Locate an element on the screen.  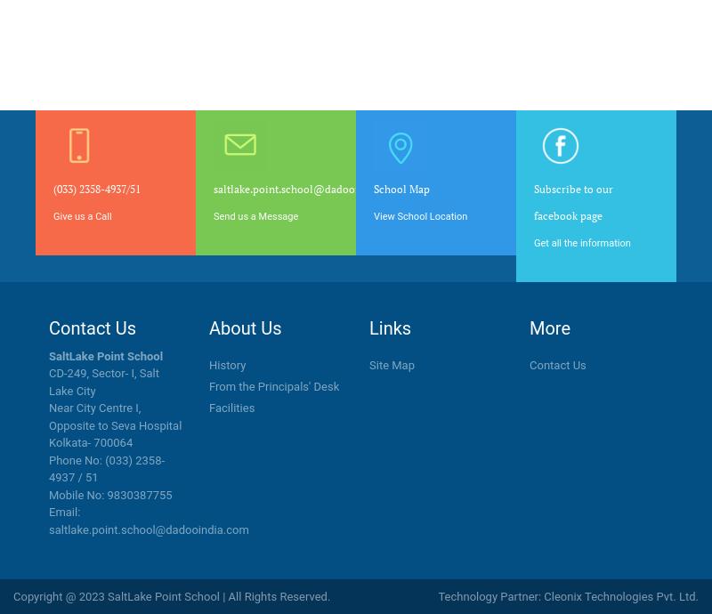
'Mobile No: 9830387755' is located at coordinates (109, 494).